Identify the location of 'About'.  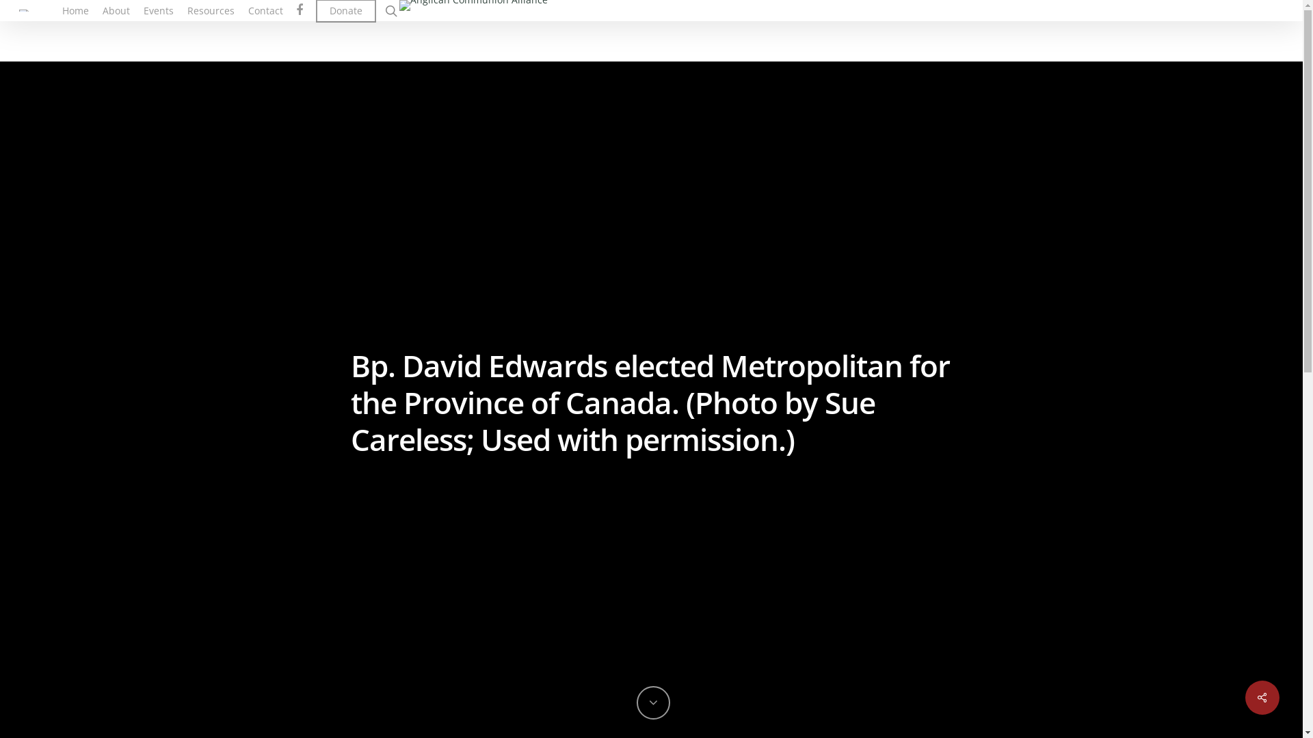
(116, 10).